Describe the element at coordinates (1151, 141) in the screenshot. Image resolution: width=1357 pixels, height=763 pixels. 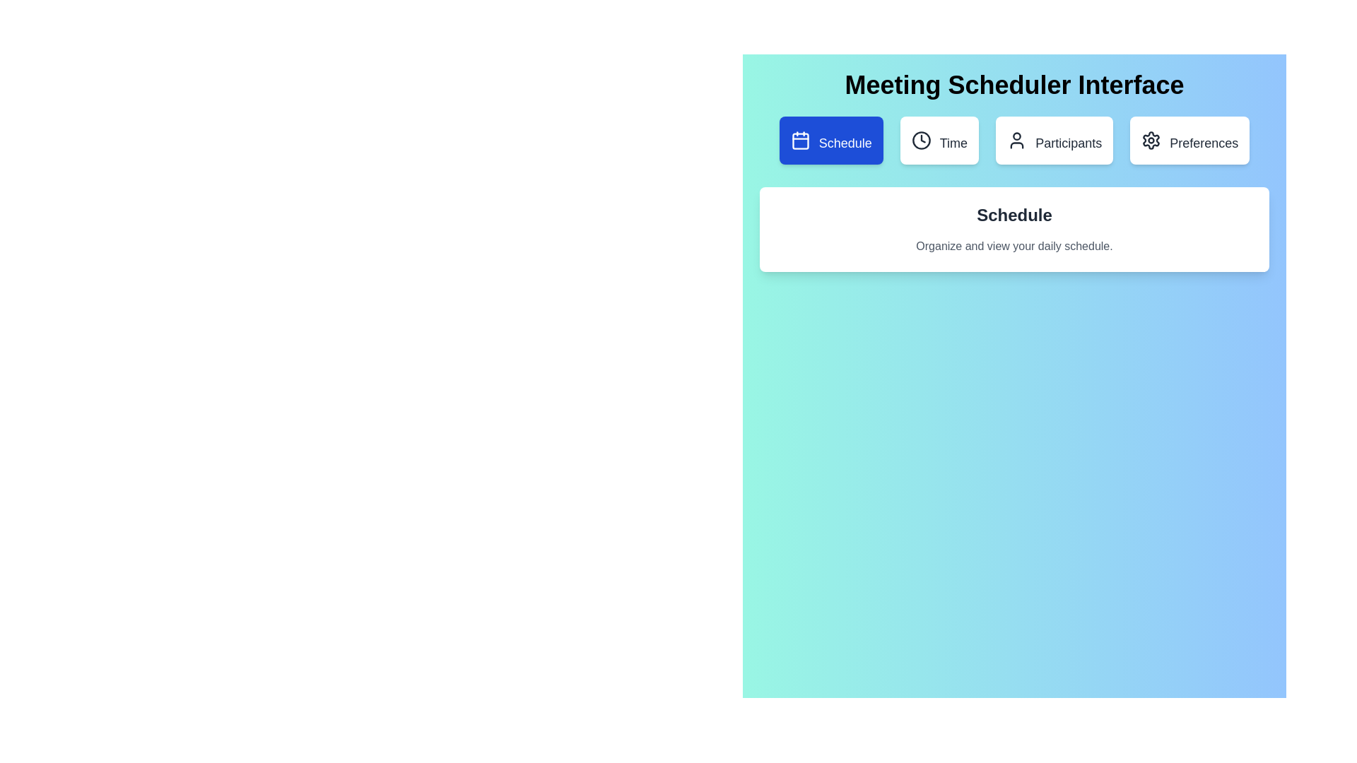
I see `the 'Preferences' icon located towards the right side of the interface` at that location.